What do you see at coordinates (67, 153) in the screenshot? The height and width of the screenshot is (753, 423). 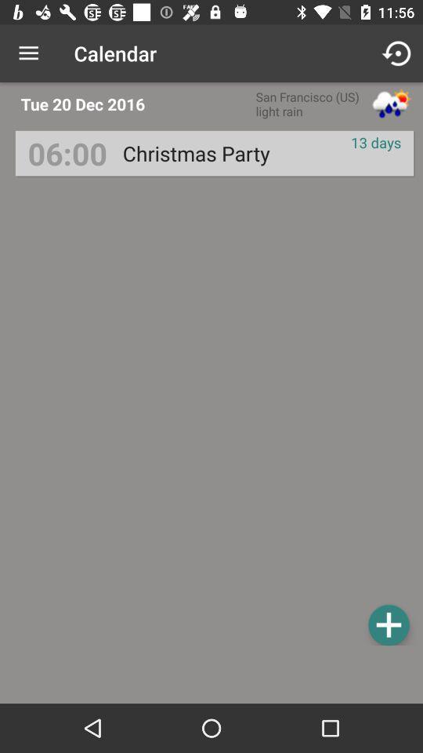 I see `06:00 item` at bounding box center [67, 153].